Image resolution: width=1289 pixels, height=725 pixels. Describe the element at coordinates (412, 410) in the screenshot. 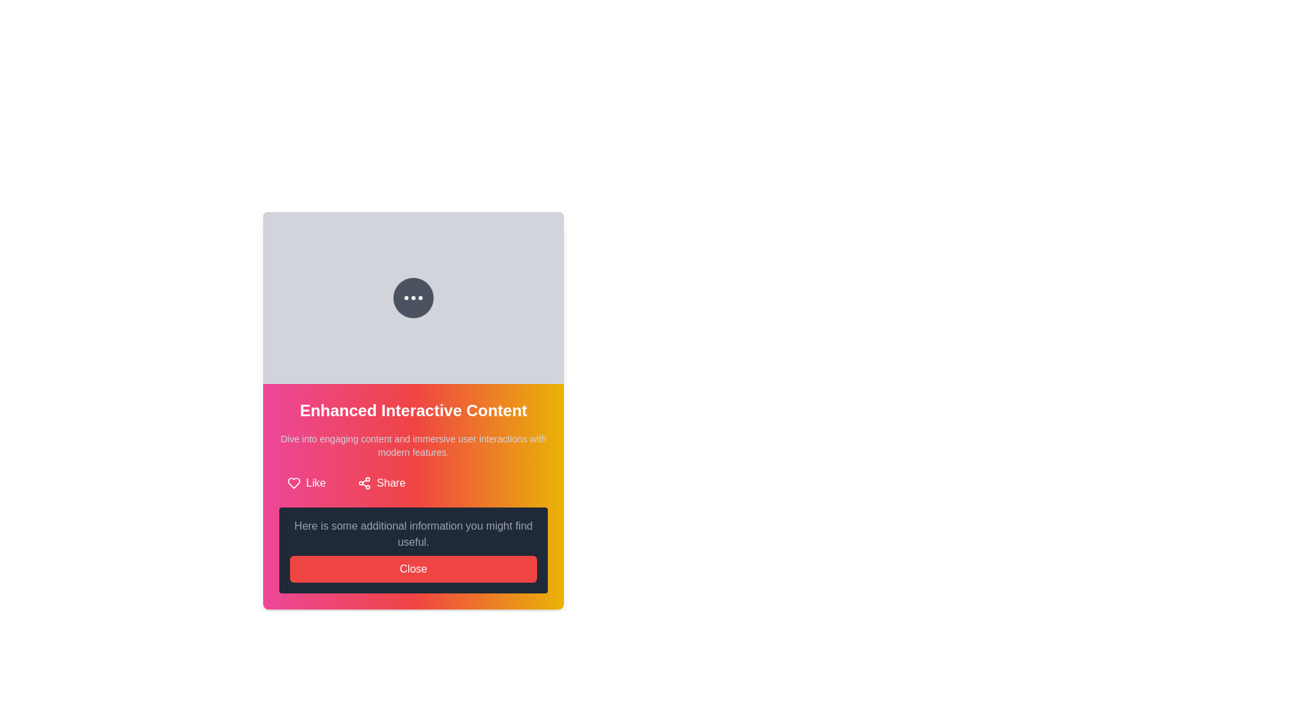

I see `the headline text at the top-center of the card, which serves as a descriptor for the content within the card` at that location.